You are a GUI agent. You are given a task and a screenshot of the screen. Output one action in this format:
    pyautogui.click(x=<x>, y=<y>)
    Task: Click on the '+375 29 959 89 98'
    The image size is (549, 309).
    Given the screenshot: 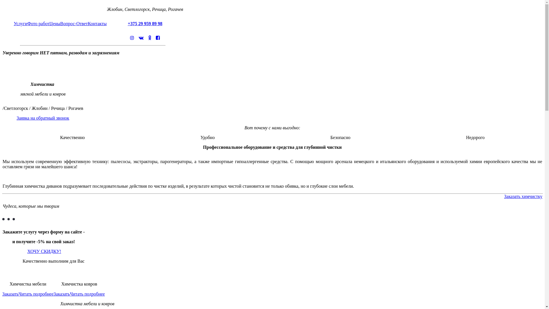 What is the action you would take?
    pyautogui.click(x=145, y=23)
    